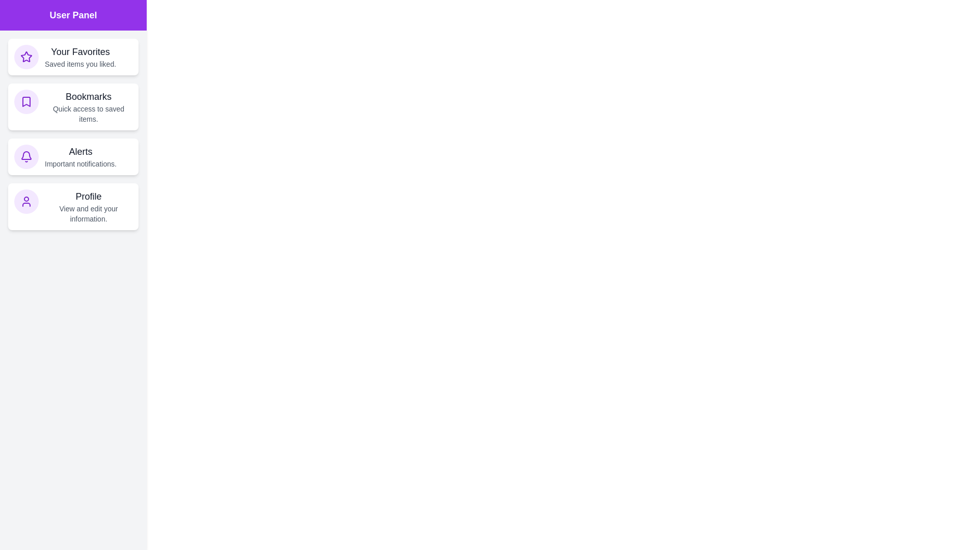 The height and width of the screenshot is (550, 978). I want to click on the icon associated with Your Favorites, so click(26, 57).